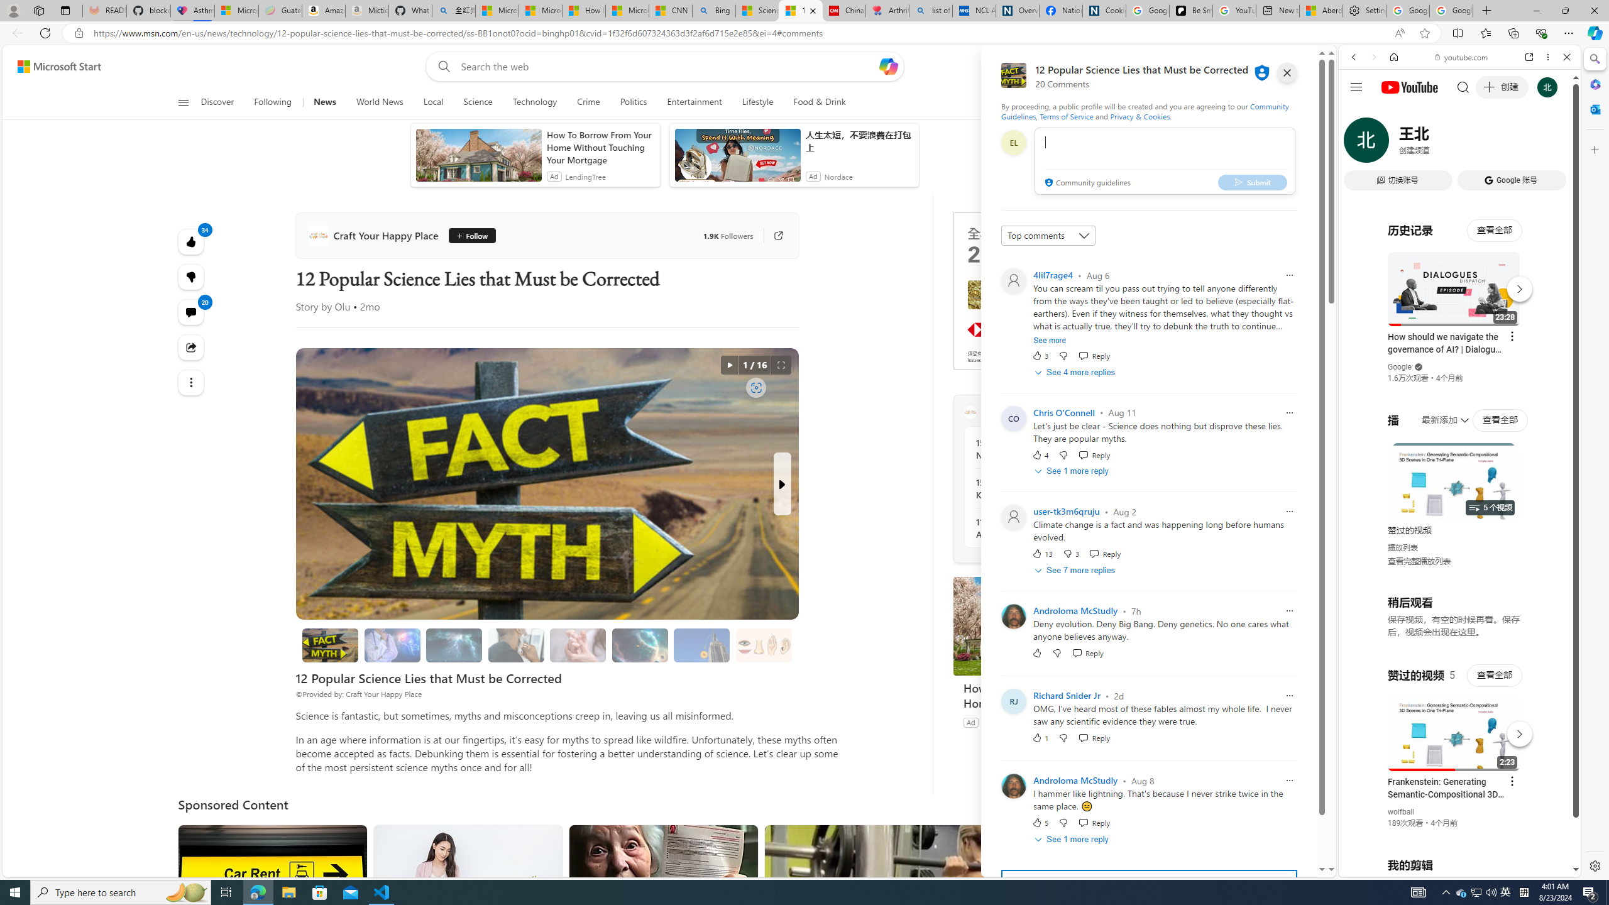 This screenshot has height=905, width=1609. Describe the element at coordinates (1359, 143) in the screenshot. I see `'Search Filter, WEB'` at that location.